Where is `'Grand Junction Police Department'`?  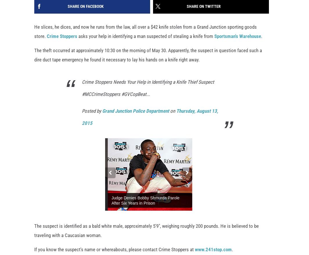 'Grand Junction Police Department' is located at coordinates (102, 111).